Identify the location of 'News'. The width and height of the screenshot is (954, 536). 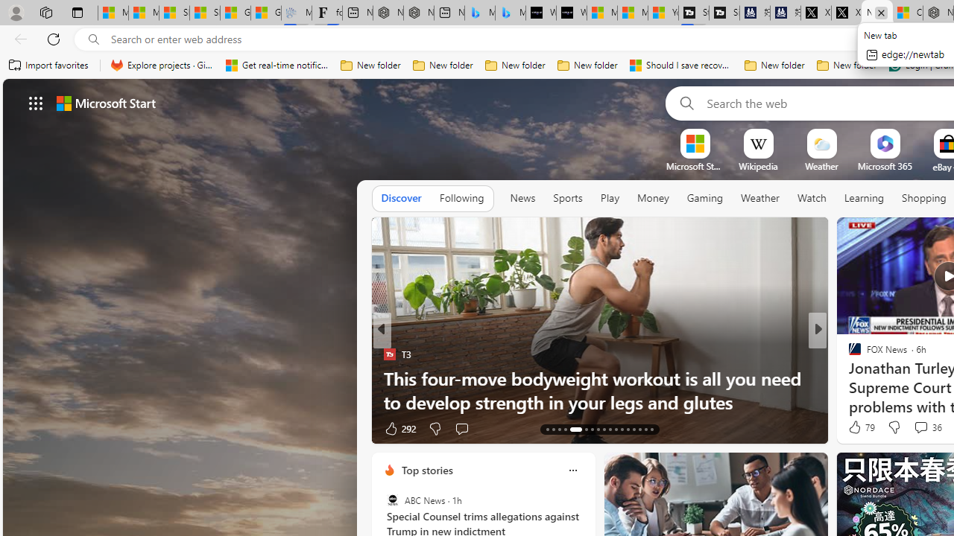
(522, 197).